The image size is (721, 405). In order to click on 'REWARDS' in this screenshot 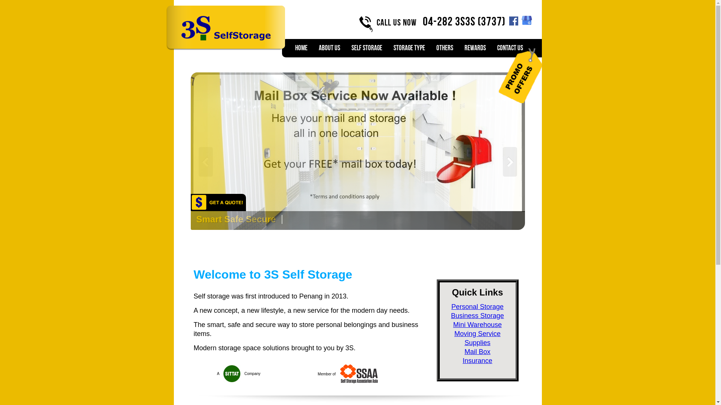, I will do `click(474, 48)`.